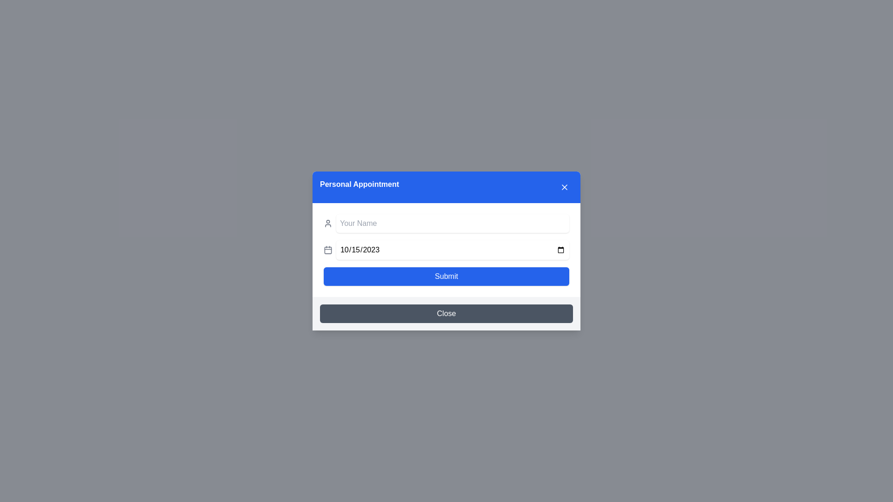 Image resolution: width=893 pixels, height=502 pixels. Describe the element at coordinates (446, 314) in the screenshot. I see `the close button located at the bottom of the modal dialog` at that location.